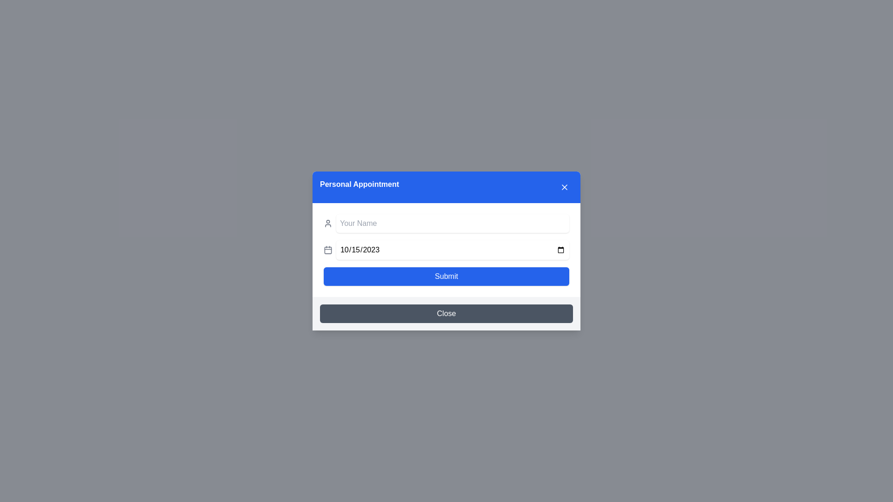 Image resolution: width=893 pixels, height=502 pixels. Describe the element at coordinates (446, 314) in the screenshot. I see `the close button located at the bottom of the modal dialog` at that location.